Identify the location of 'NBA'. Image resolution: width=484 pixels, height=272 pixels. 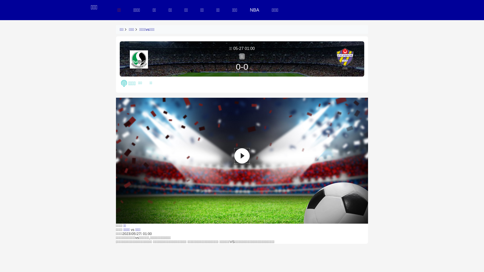
(254, 10).